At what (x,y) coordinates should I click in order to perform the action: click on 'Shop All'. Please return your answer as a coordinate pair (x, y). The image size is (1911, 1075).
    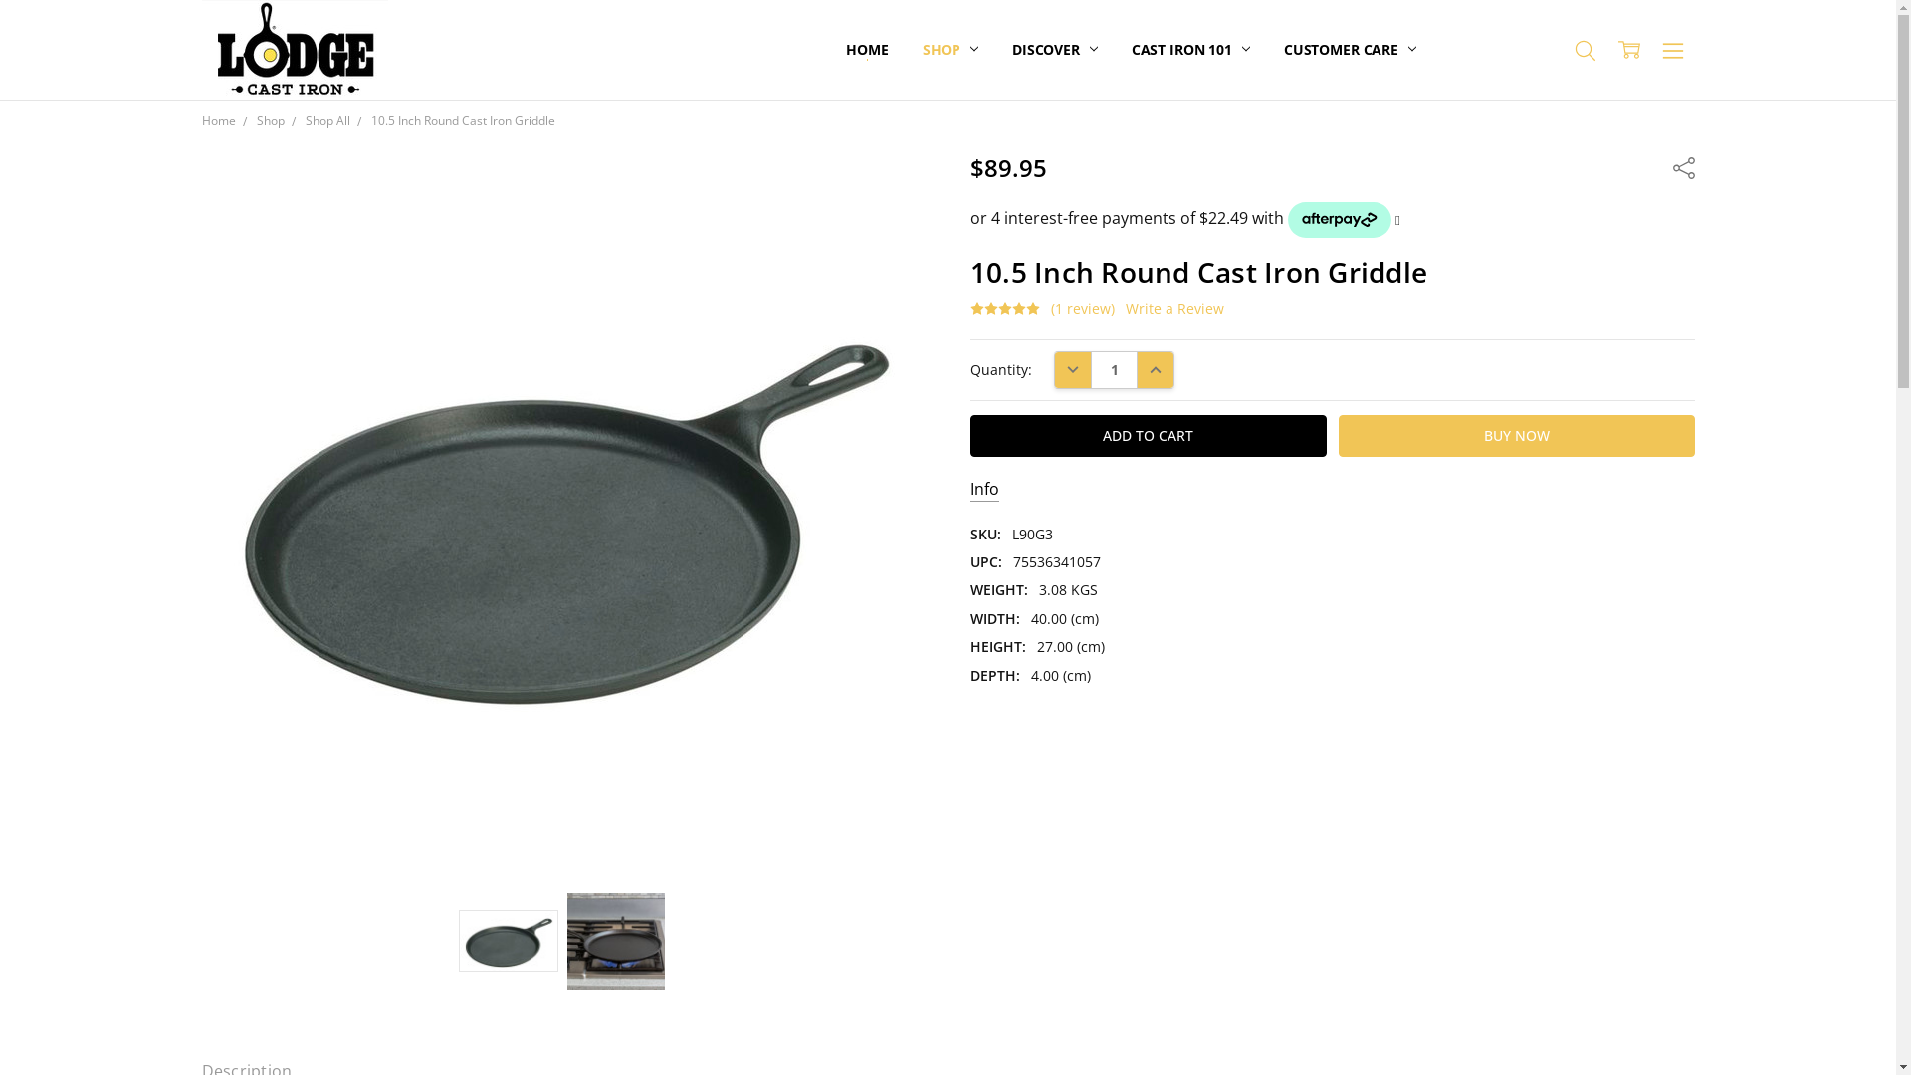
    Looking at the image, I should click on (326, 120).